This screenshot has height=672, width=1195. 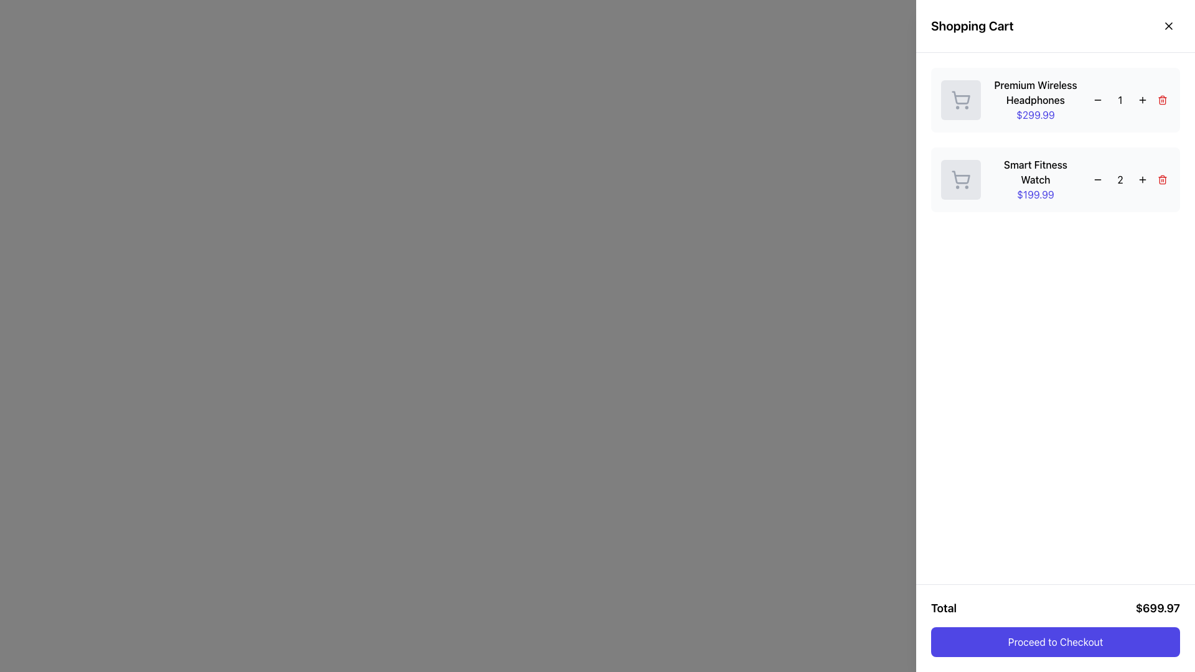 I want to click on the numeric display showing the number '2' in bold, which is centered within the numeric adjustment component for the 'Smart Fitness Watch' in the shopping cart, so click(x=1130, y=180).